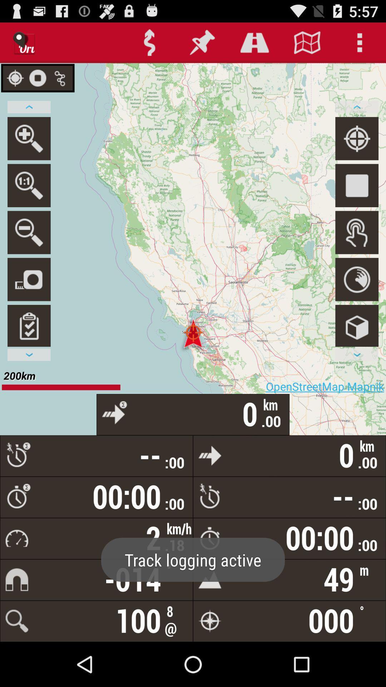 This screenshot has width=386, height=687. I want to click on the zoom_out icon, so click(29, 249).